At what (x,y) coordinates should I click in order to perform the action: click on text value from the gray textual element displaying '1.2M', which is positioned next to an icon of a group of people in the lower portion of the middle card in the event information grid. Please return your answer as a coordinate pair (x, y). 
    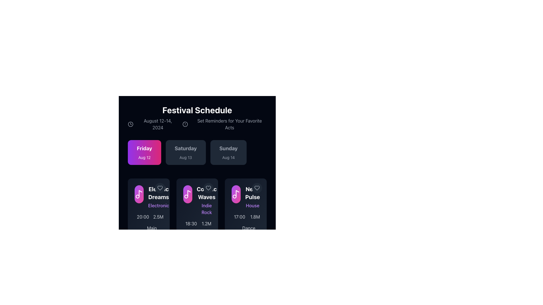
    Looking at the image, I should click on (205, 223).